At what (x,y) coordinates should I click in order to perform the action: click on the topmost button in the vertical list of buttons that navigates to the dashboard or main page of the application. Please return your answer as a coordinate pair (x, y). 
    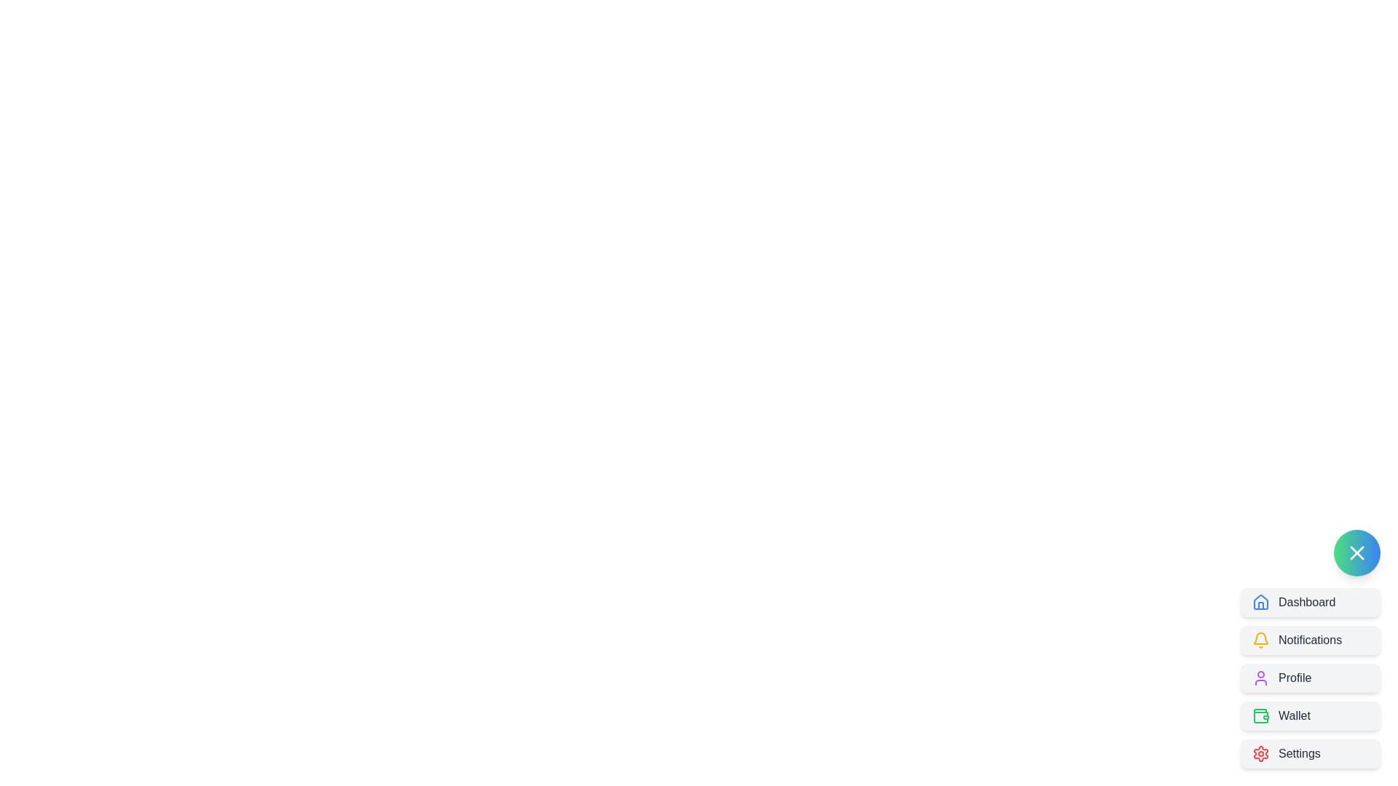
    Looking at the image, I should click on (1311, 603).